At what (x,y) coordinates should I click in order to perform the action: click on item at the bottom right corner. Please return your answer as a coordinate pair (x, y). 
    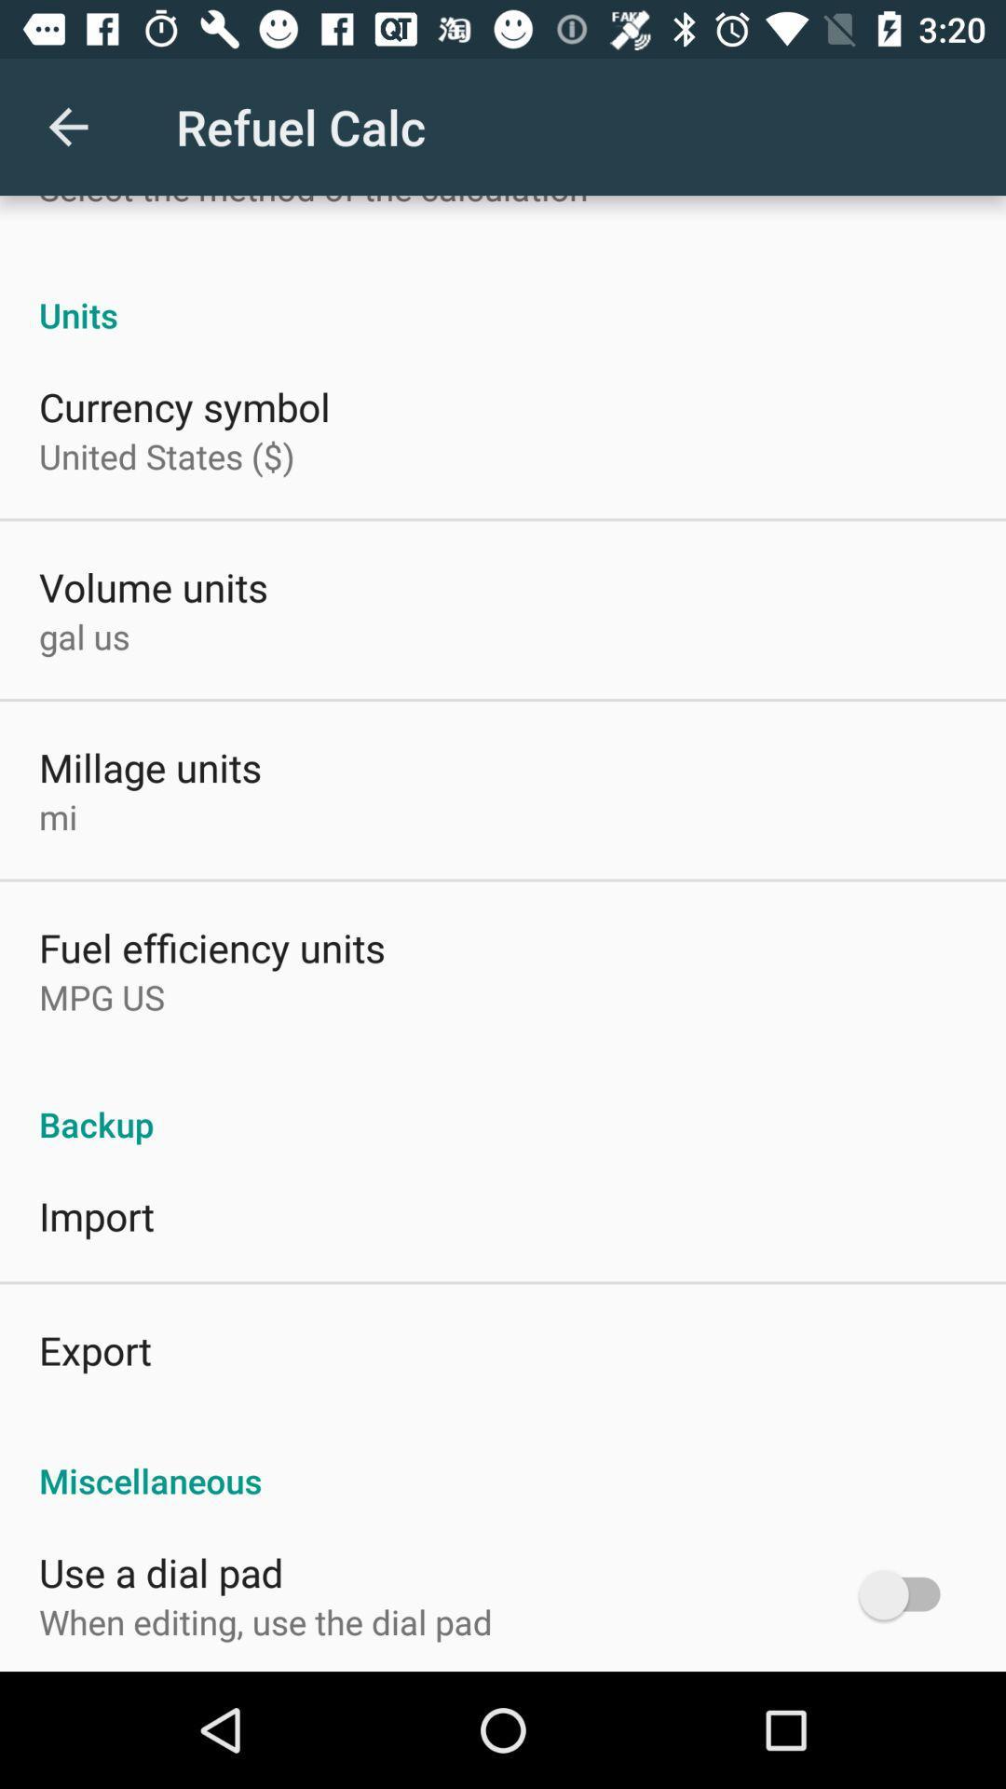
    Looking at the image, I should click on (907, 1593).